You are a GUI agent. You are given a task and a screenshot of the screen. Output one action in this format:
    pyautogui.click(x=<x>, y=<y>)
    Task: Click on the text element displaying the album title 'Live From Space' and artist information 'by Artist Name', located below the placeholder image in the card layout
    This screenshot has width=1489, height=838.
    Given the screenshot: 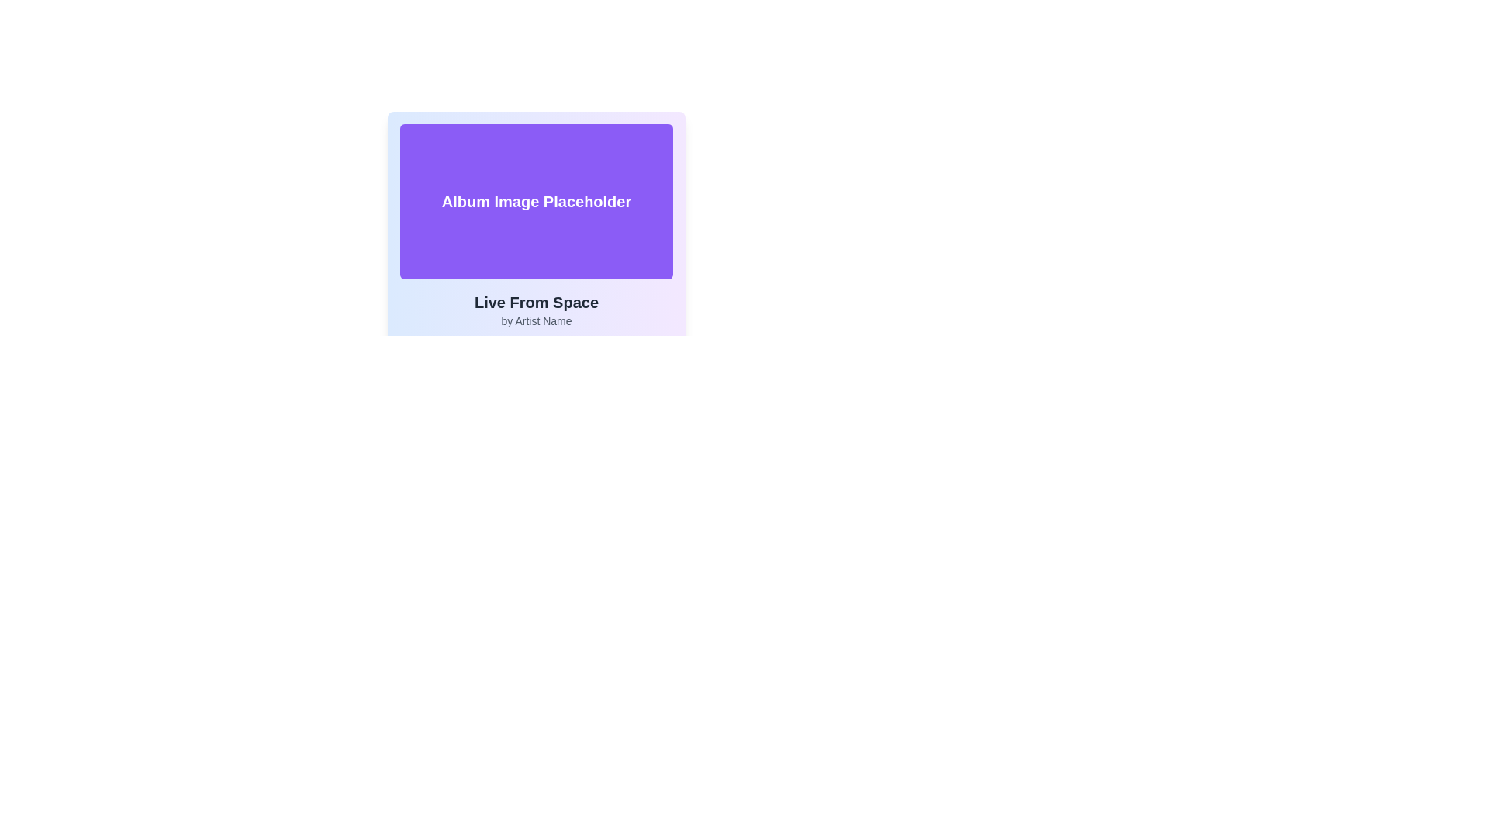 What is the action you would take?
    pyautogui.click(x=536, y=310)
    